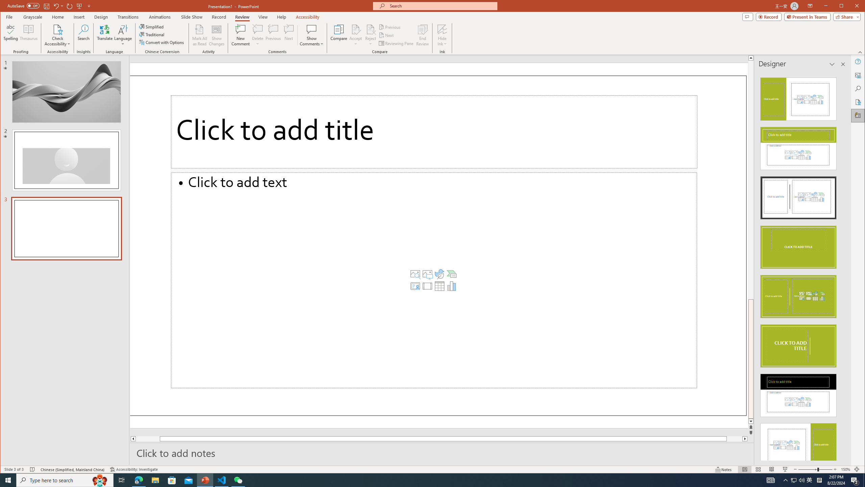  Describe the element at coordinates (439, 274) in the screenshot. I see `'Insert an Icon'` at that location.